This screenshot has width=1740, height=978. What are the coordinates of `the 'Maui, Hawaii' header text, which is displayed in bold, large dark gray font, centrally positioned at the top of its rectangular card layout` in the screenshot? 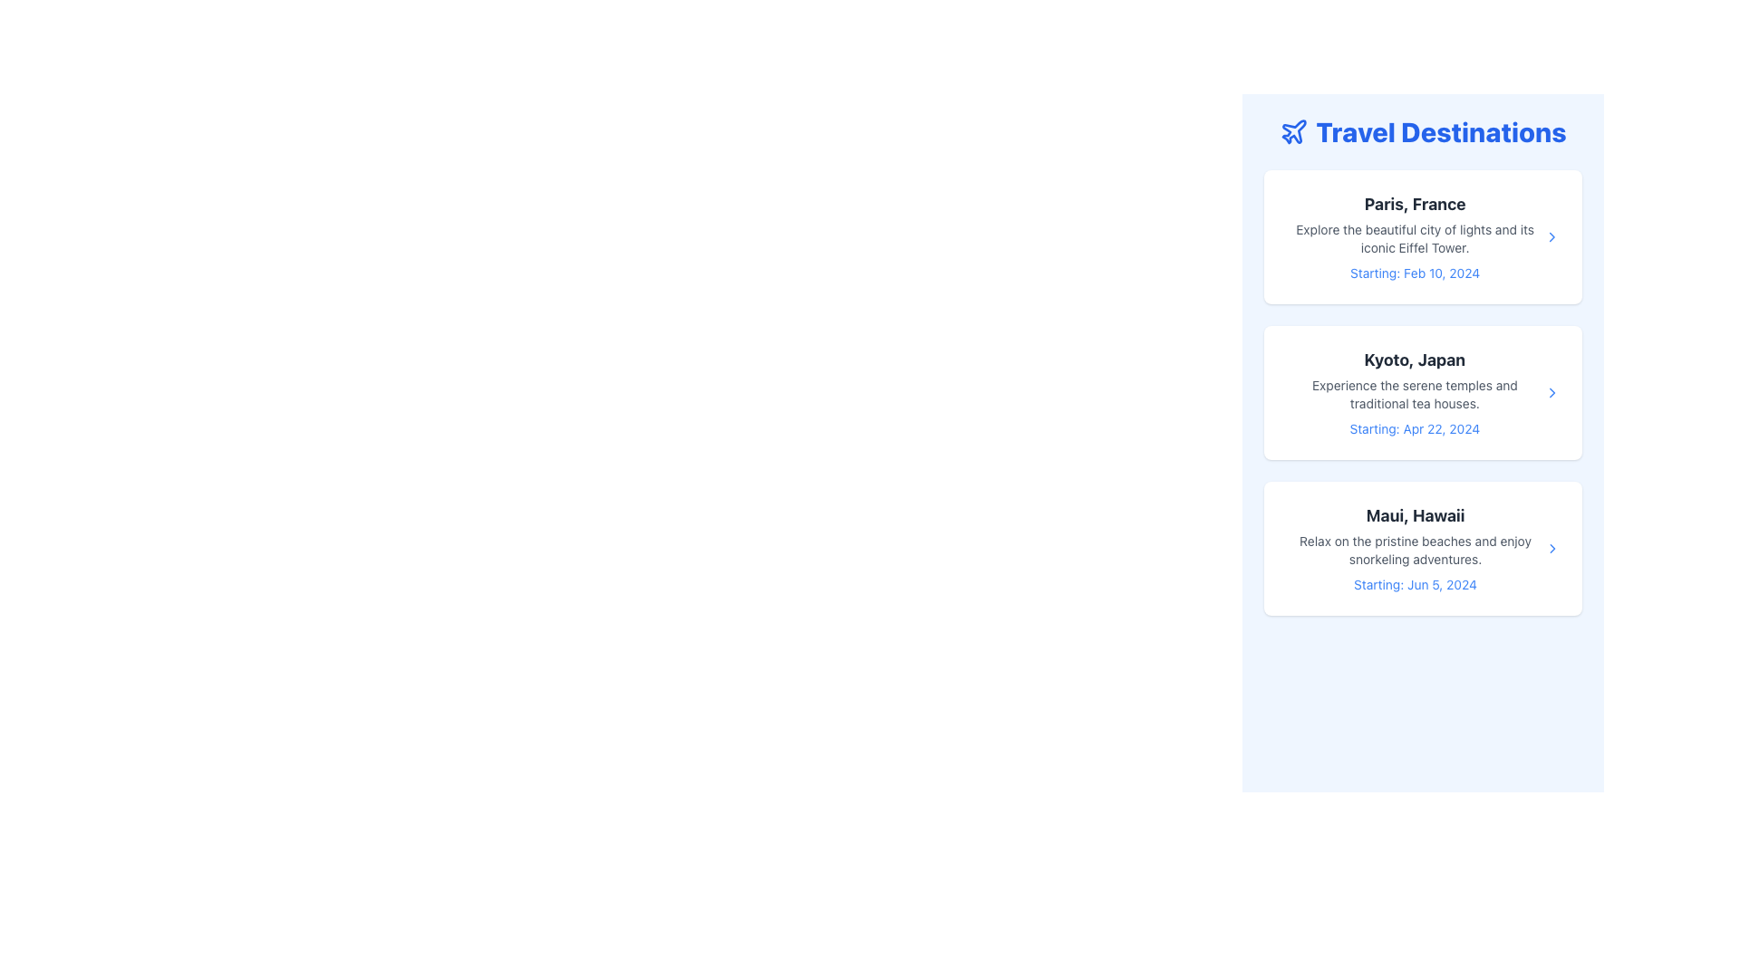 It's located at (1415, 516).